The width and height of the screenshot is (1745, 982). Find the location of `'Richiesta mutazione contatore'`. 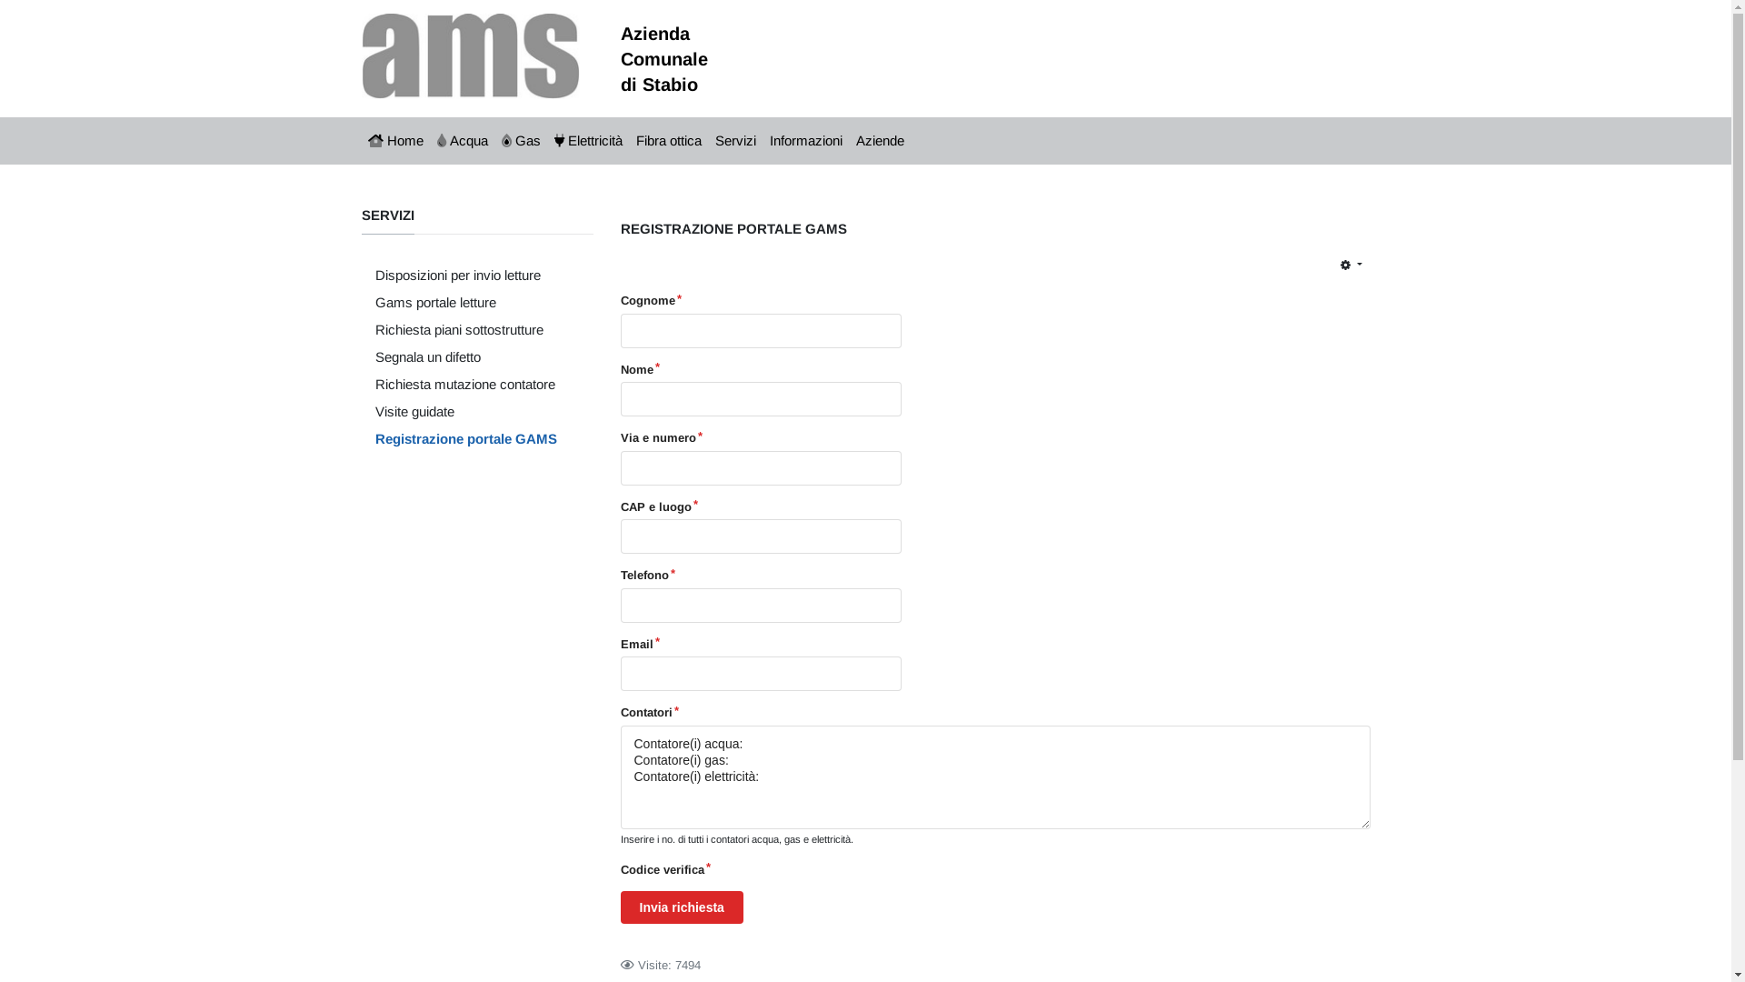

'Richiesta mutazione contatore' is located at coordinates (465, 384).